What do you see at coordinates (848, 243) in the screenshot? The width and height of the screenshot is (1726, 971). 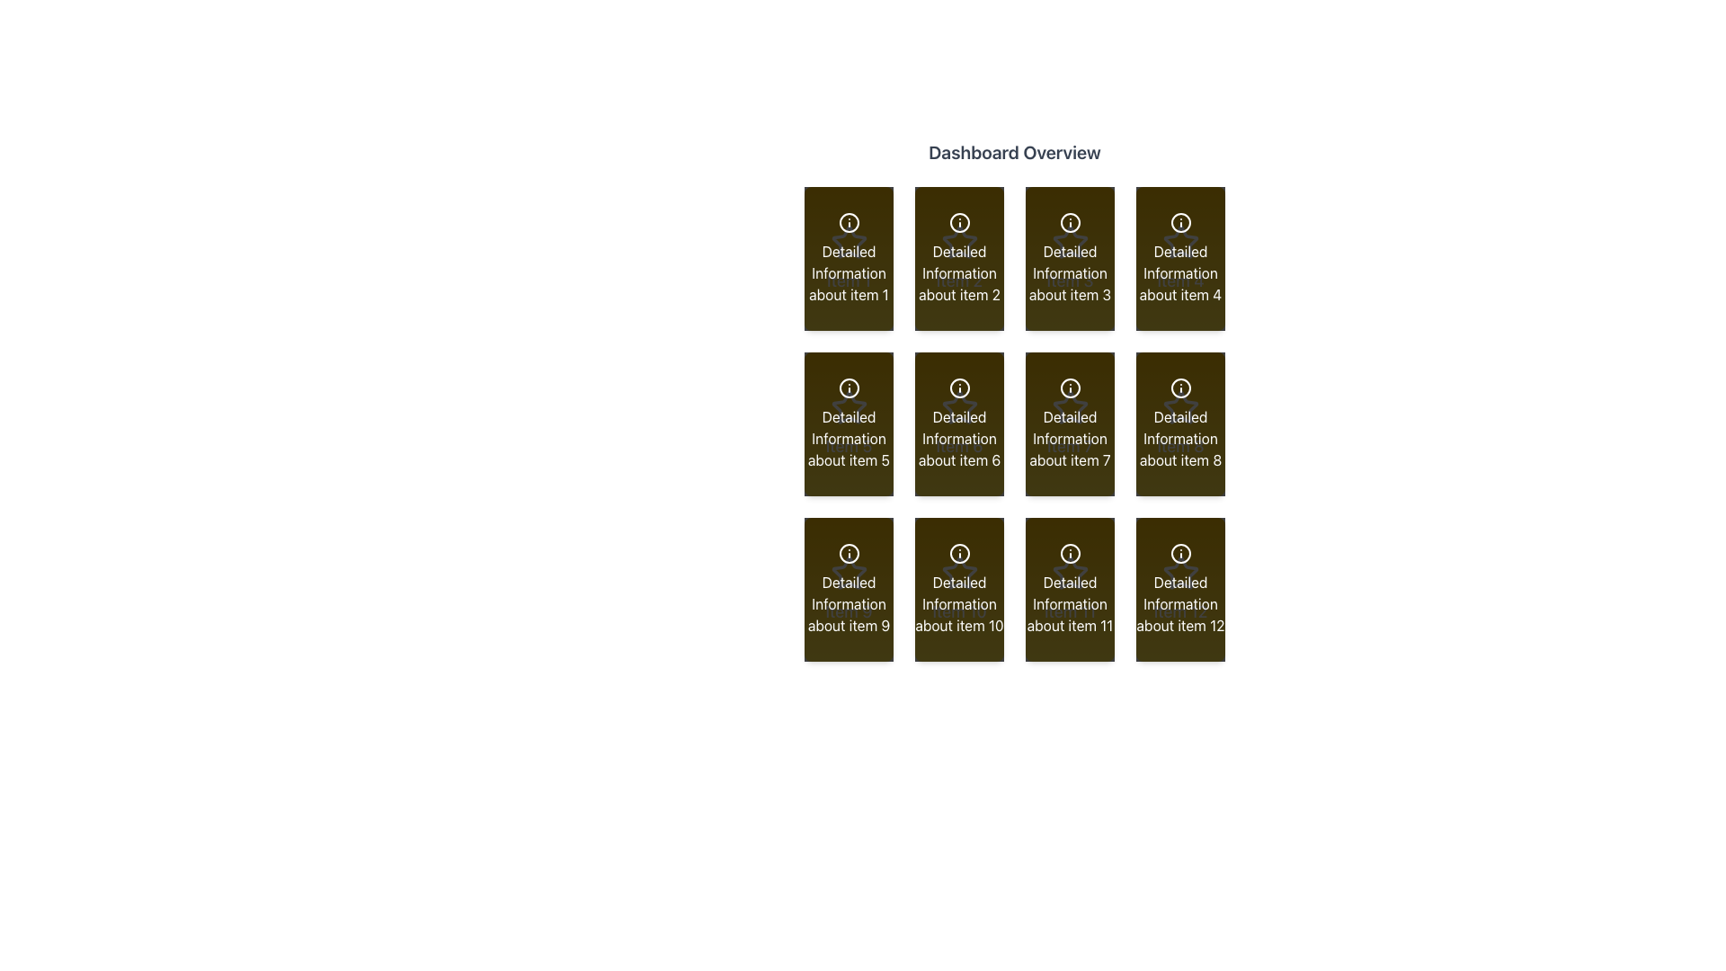 I see `the star icon outlined in white, located in the top-left card labeled 'Item 1', which is above the text 'Detailed Information about item 1'` at bounding box center [848, 243].